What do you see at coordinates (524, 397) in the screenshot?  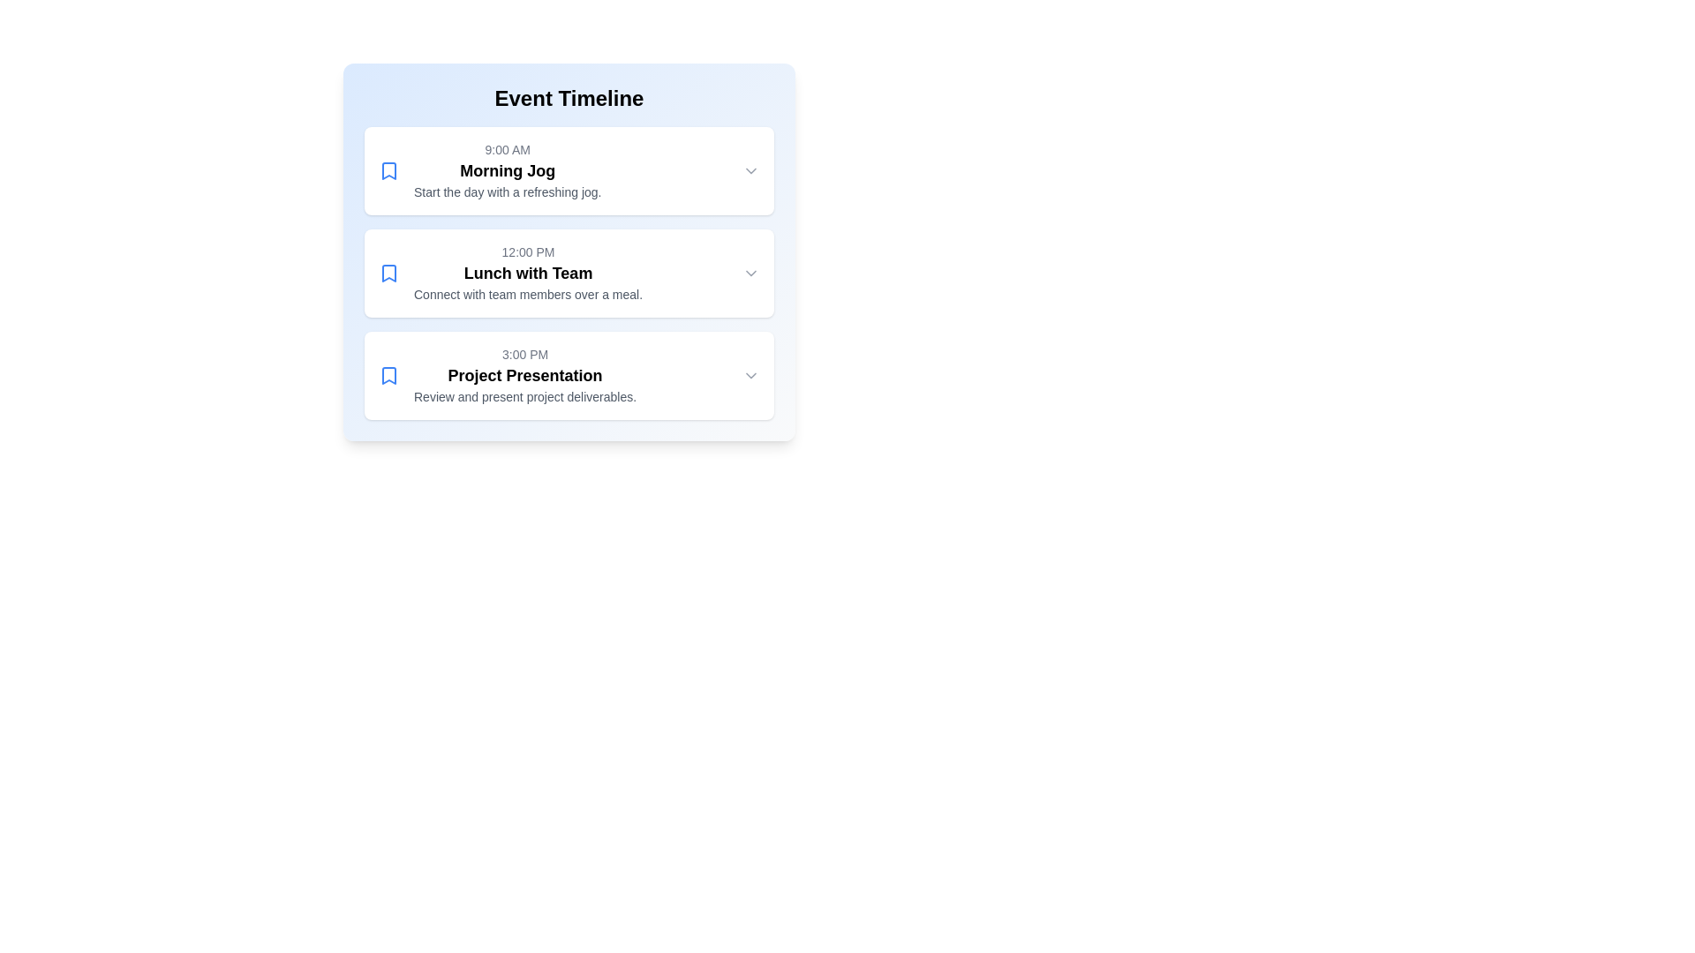 I see `the static text element providing details for the event labeled 'Project Presentation', located beneath the heading and part of the event timeline interface` at bounding box center [524, 397].